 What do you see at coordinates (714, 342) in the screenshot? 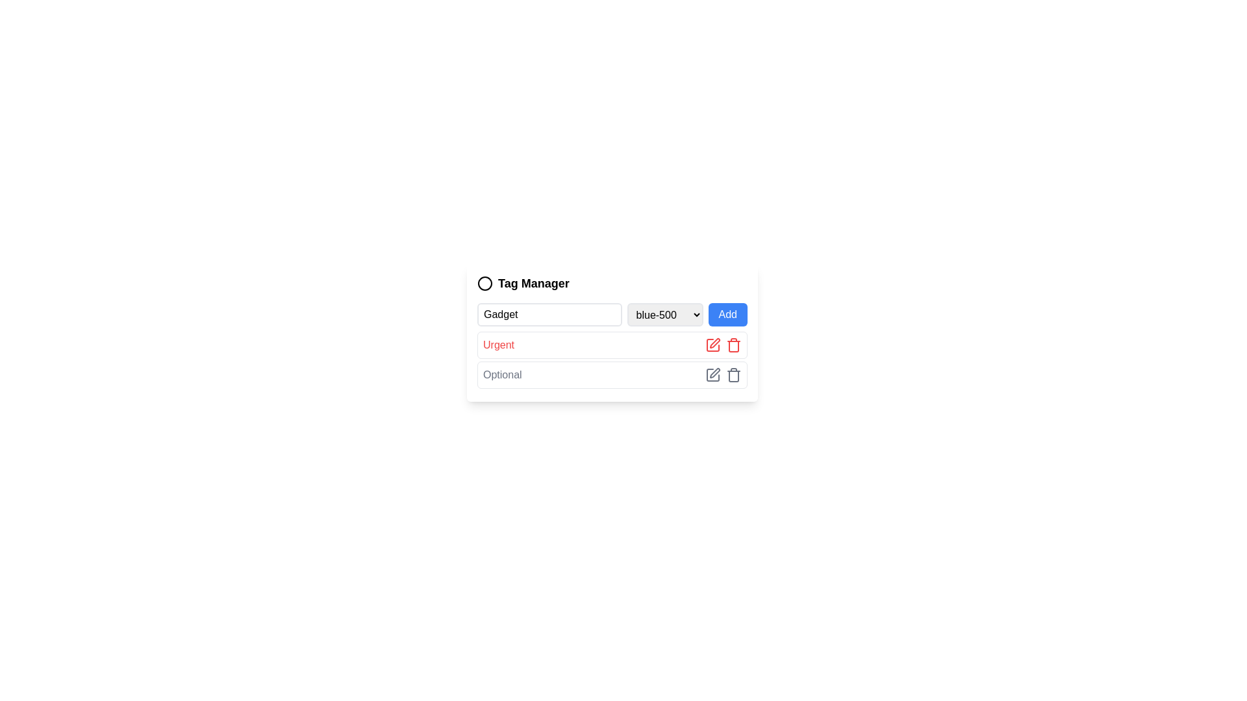
I see `the Edit icon located next to the trash bin icon in the row labeled 'Optional.'` at bounding box center [714, 342].